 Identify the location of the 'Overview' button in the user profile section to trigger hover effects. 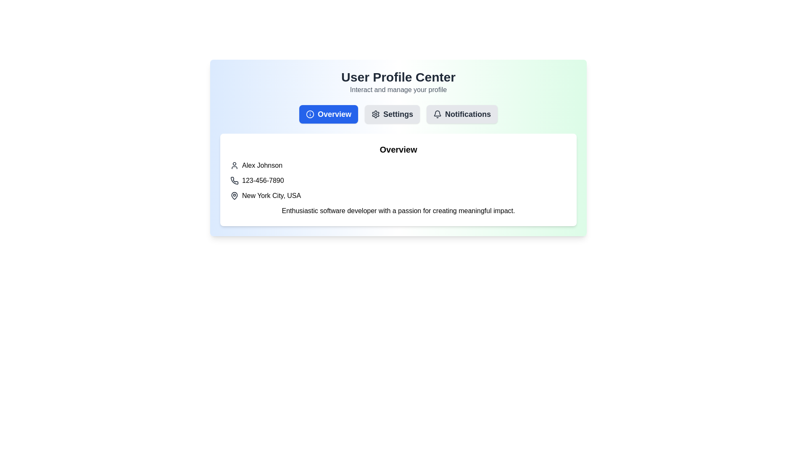
(328, 114).